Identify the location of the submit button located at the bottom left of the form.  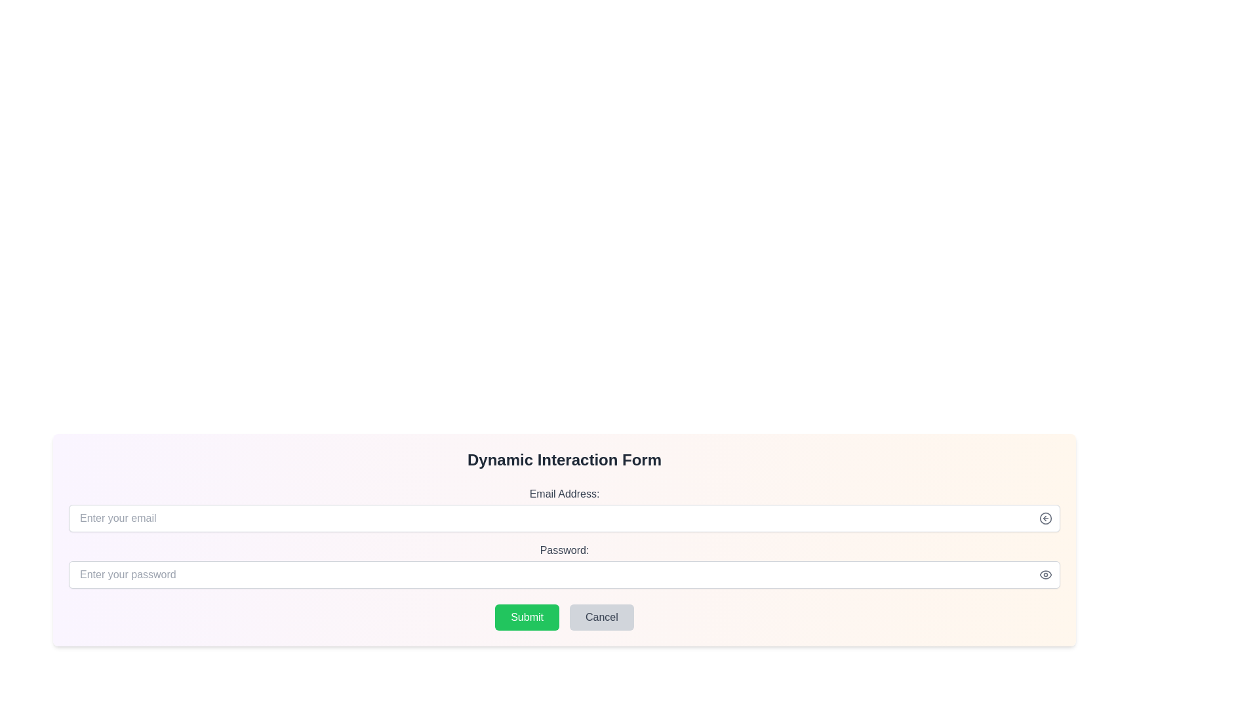
(527, 617).